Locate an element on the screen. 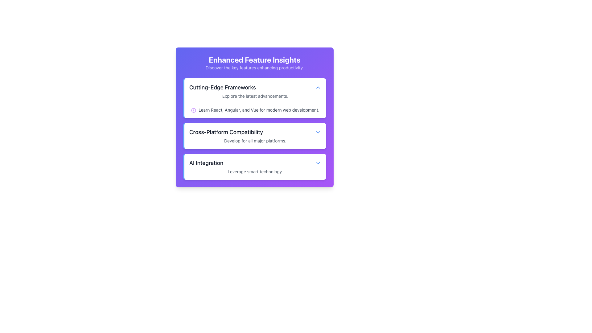 This screenshot has width=592, height=333. the descriptive subtitle of the 'AI Integration' feature, located below the title and chevron icon within the 'AI Integration' card is located at coordinates (255, 171).